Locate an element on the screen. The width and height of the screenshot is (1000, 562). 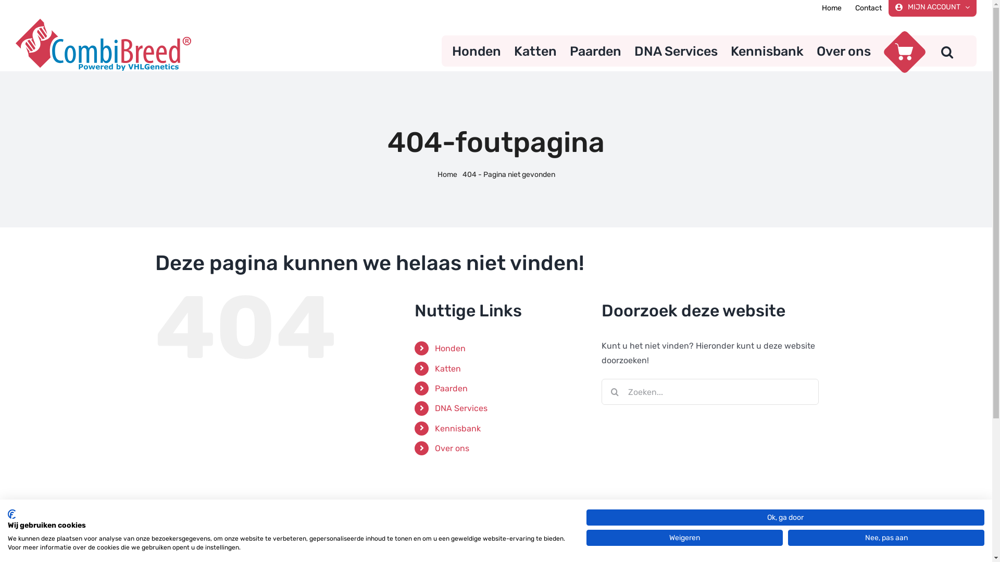
'Kennisbank' is located at coordinates (457, 428).